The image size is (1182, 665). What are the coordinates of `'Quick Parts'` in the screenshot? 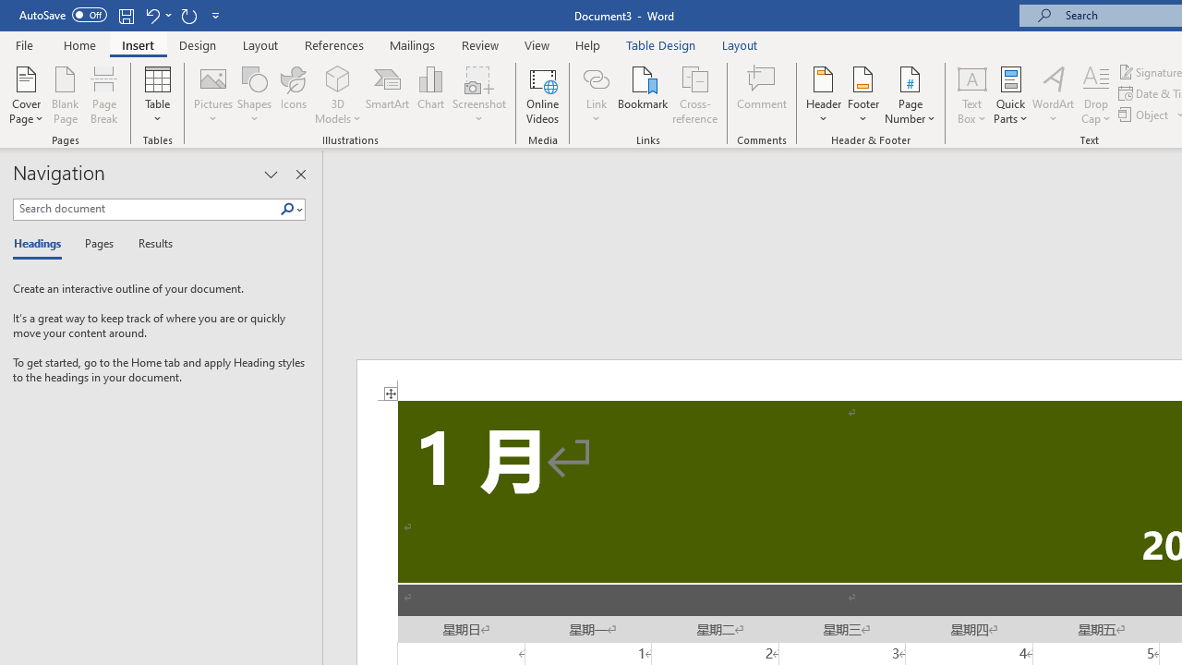 It's located at (1010, 95).